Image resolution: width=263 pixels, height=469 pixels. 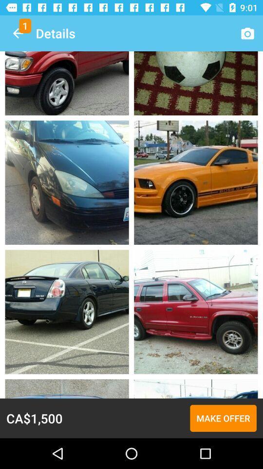 I want to click on the item to the right of the ca$1,500 icon, so click(x=223, y=418).